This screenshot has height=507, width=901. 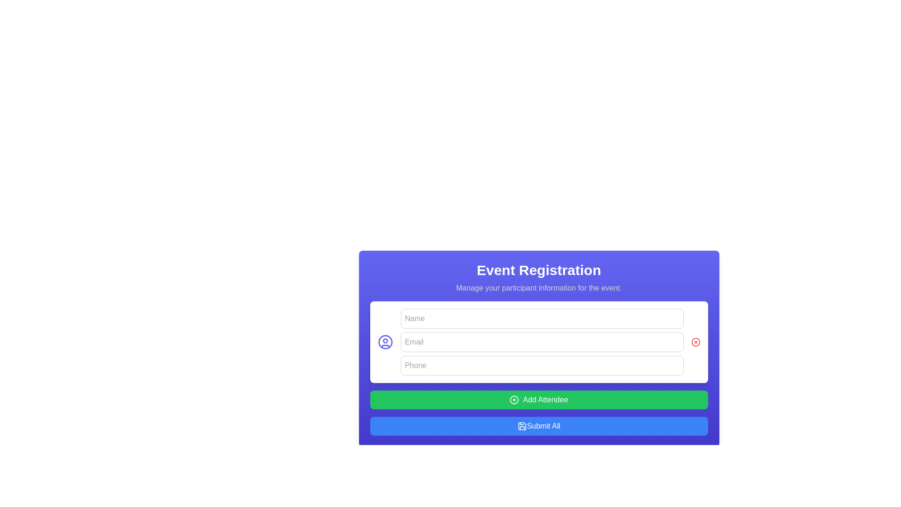 I want to click on the save or submit icon located to the left of the 'Submit All' button, so click(x=521, y=426).